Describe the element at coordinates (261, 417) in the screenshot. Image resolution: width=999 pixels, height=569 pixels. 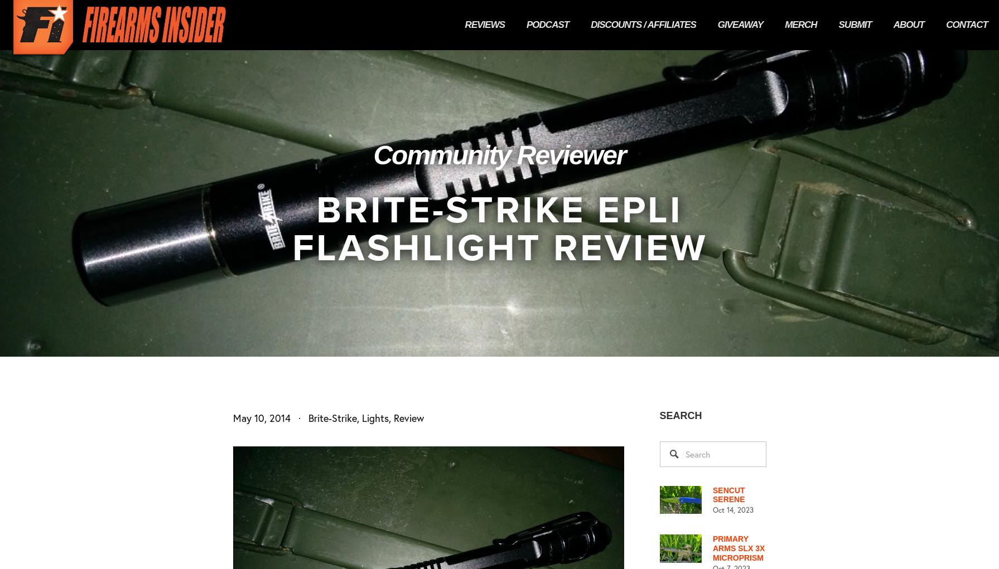
I see `'May 10, 2014'` at that location.